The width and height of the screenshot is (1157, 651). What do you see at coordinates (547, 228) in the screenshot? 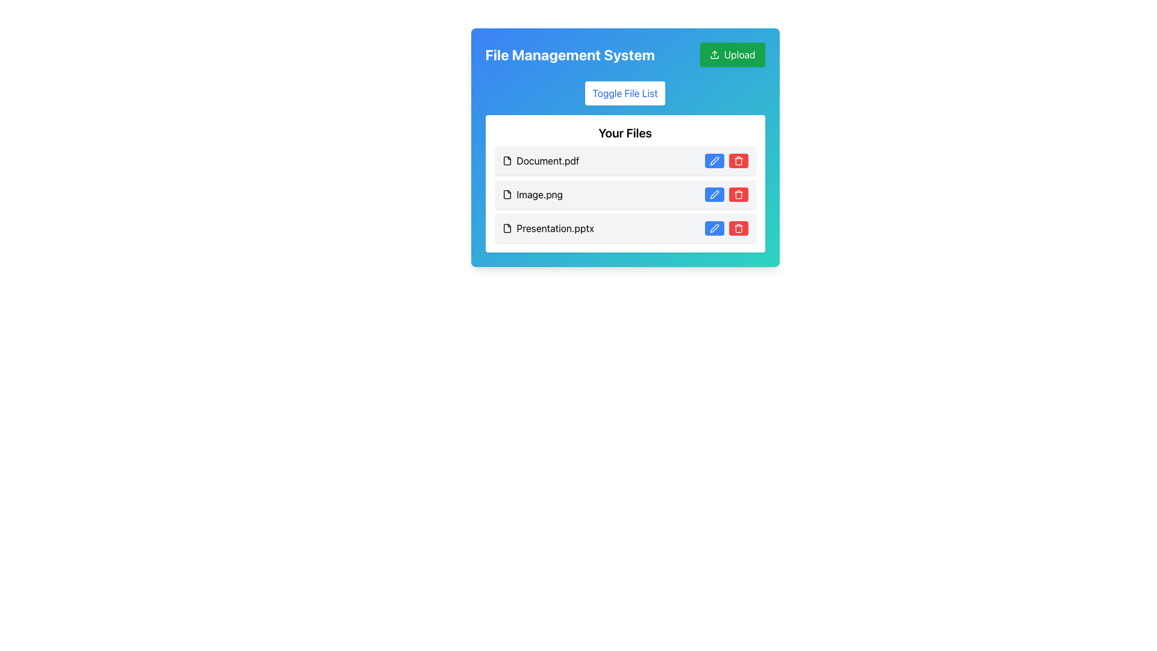
I see `the Label displaying the filename 'Presentation.pptx' accompanied by an icon, which is the third entry in the file list under 'Your Files'` at bounding box center [547, 228].